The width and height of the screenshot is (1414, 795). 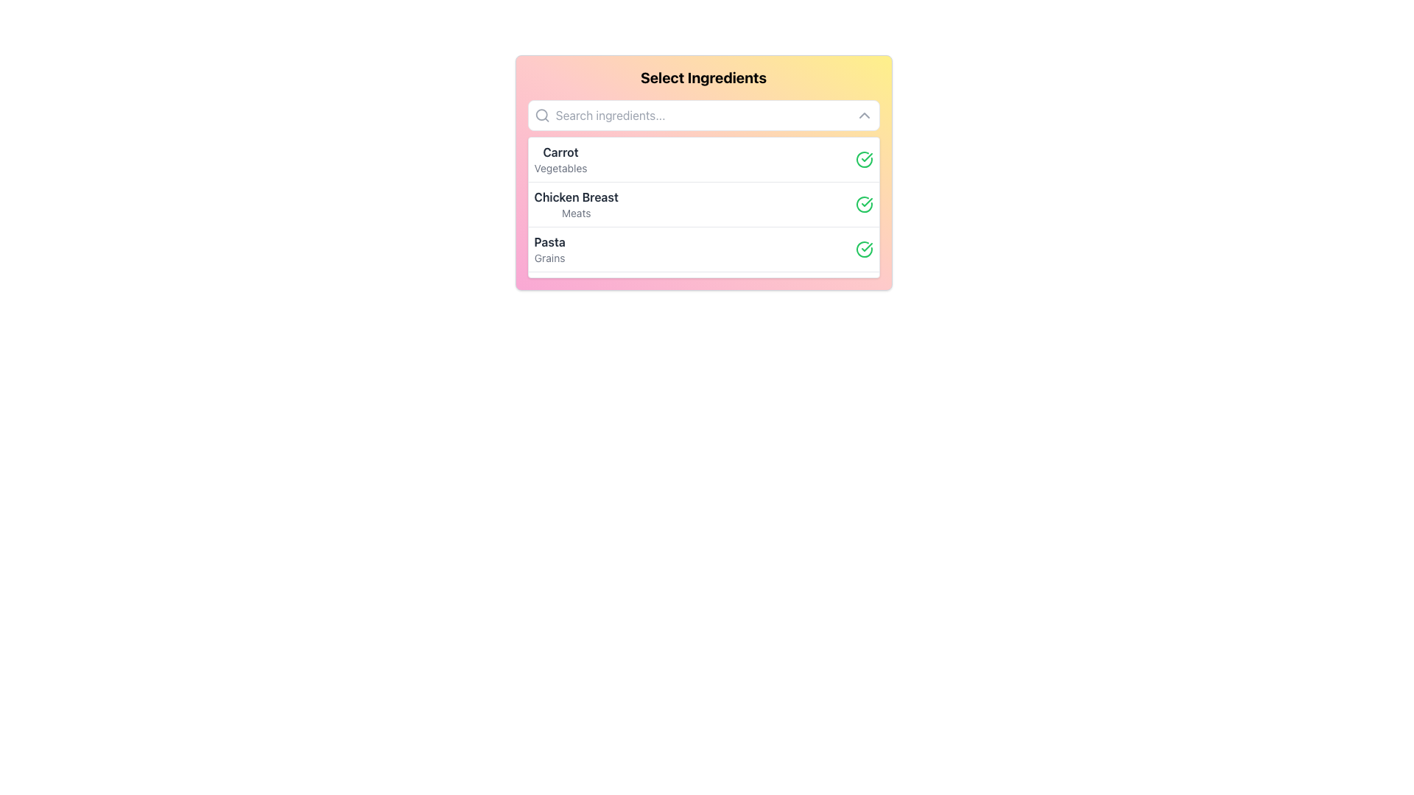 What do you see at coordinates (575, 213) in the screenshot?
I see `the static text label displaying 'Meats', which is gray in color and positioned directly beneath the bold text label 'Chicken Breast'` at bounding box center [575, 213].